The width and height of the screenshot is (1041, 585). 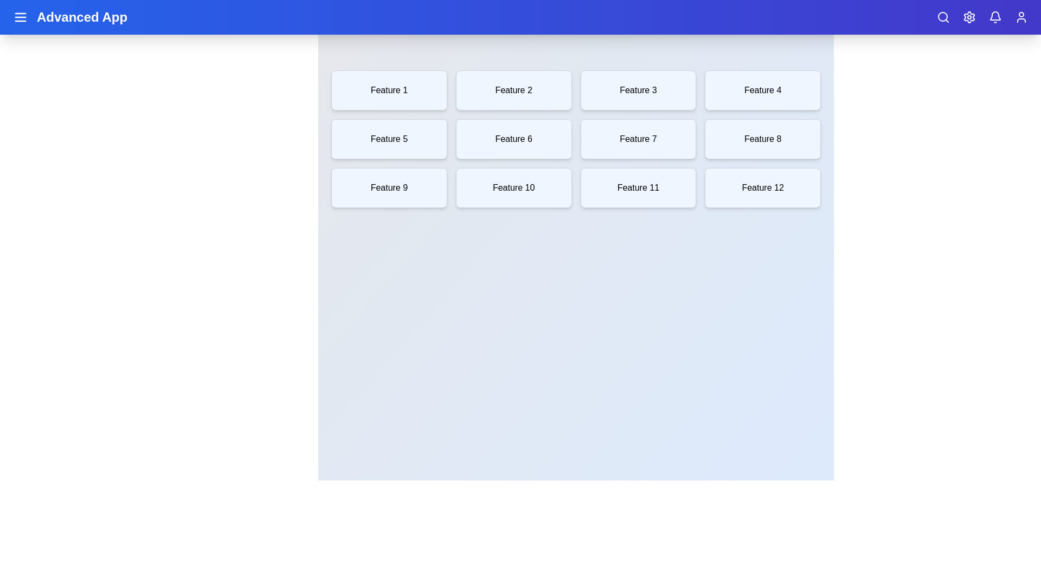 What do you see at coordinates (942, 17) in the screenshot?
I see `the search icon to activate its functionality` at bounding box center [942, 17].